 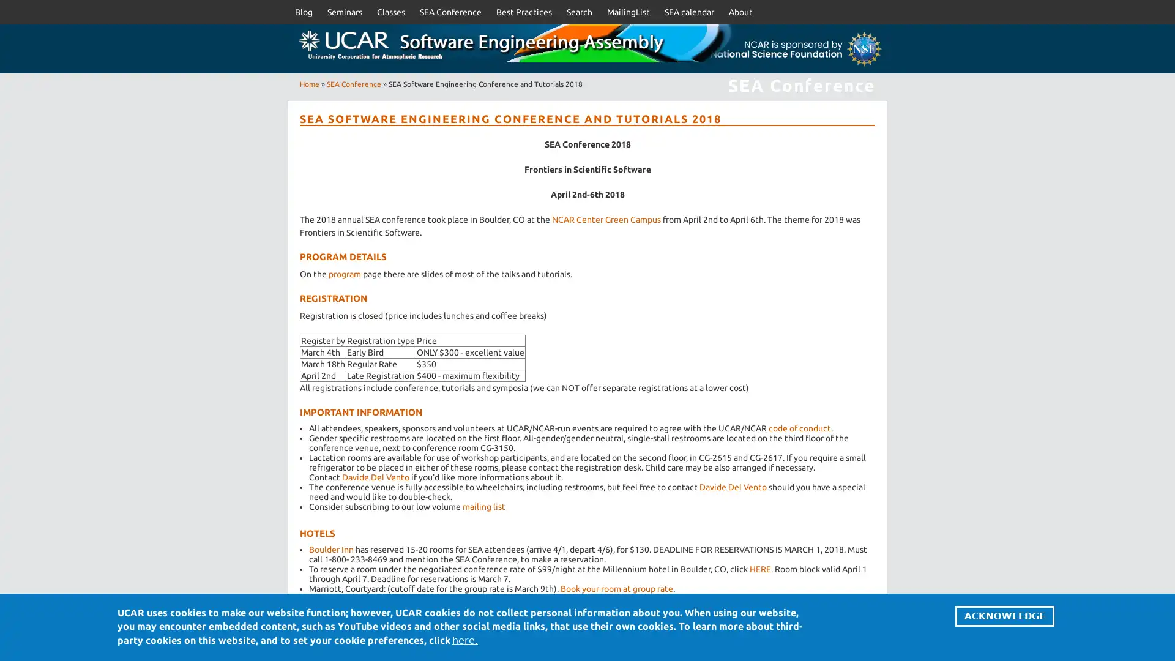 What do you see at coordinates (1004, 616) in the screenshot?
I see `ACKNOWLEDGE` at bounding box center [1004, 616].